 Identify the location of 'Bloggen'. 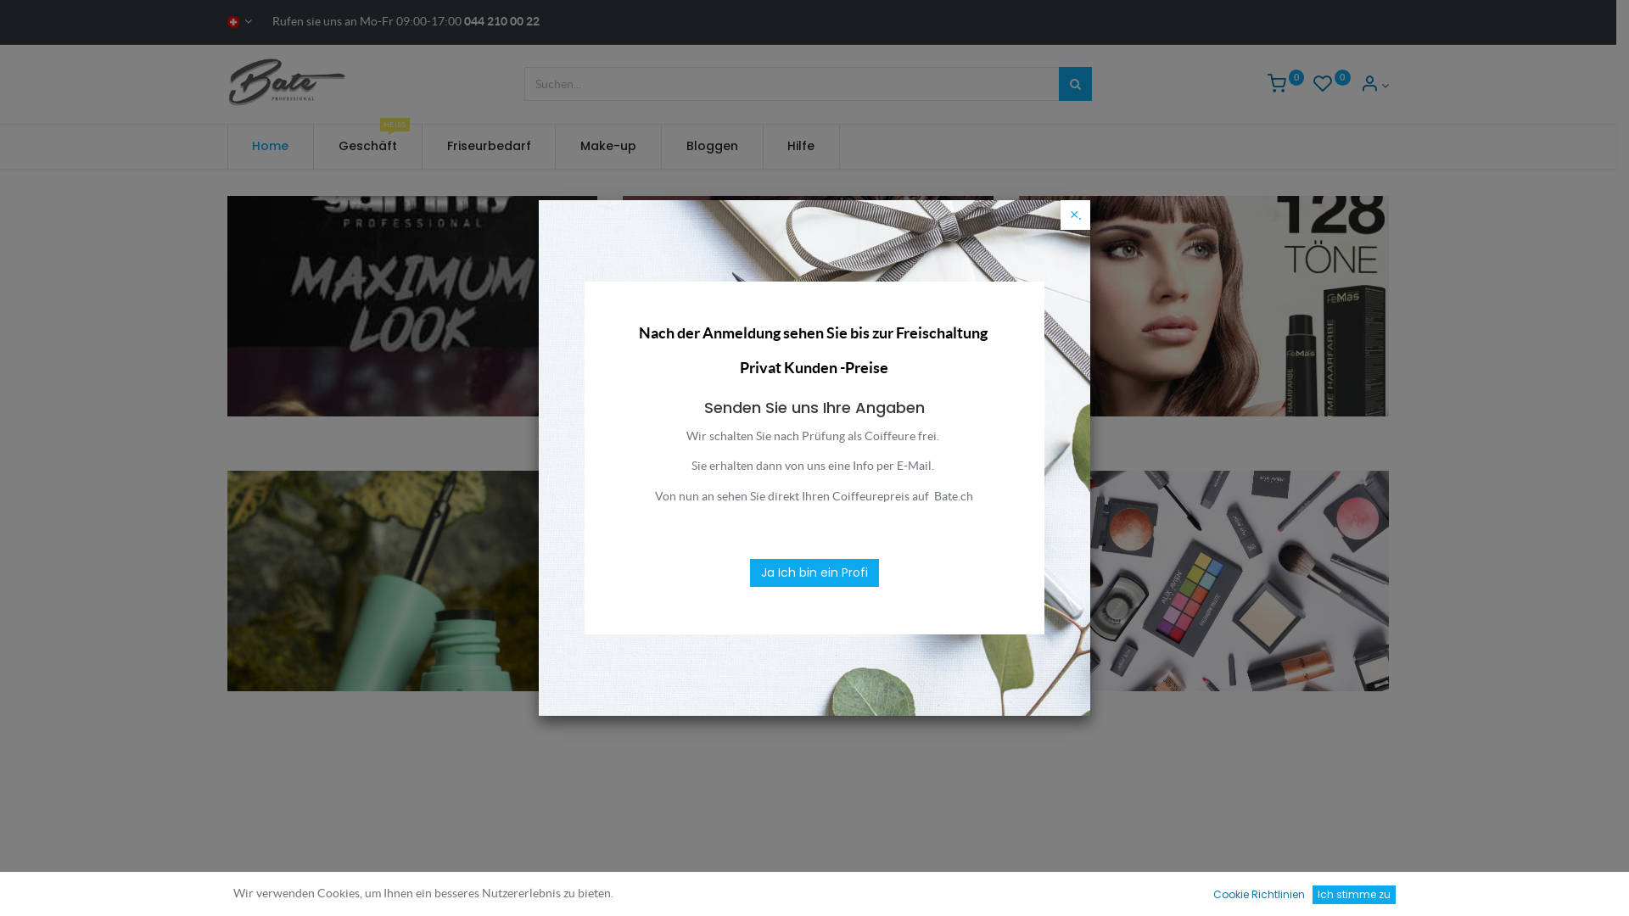
(712, 146).